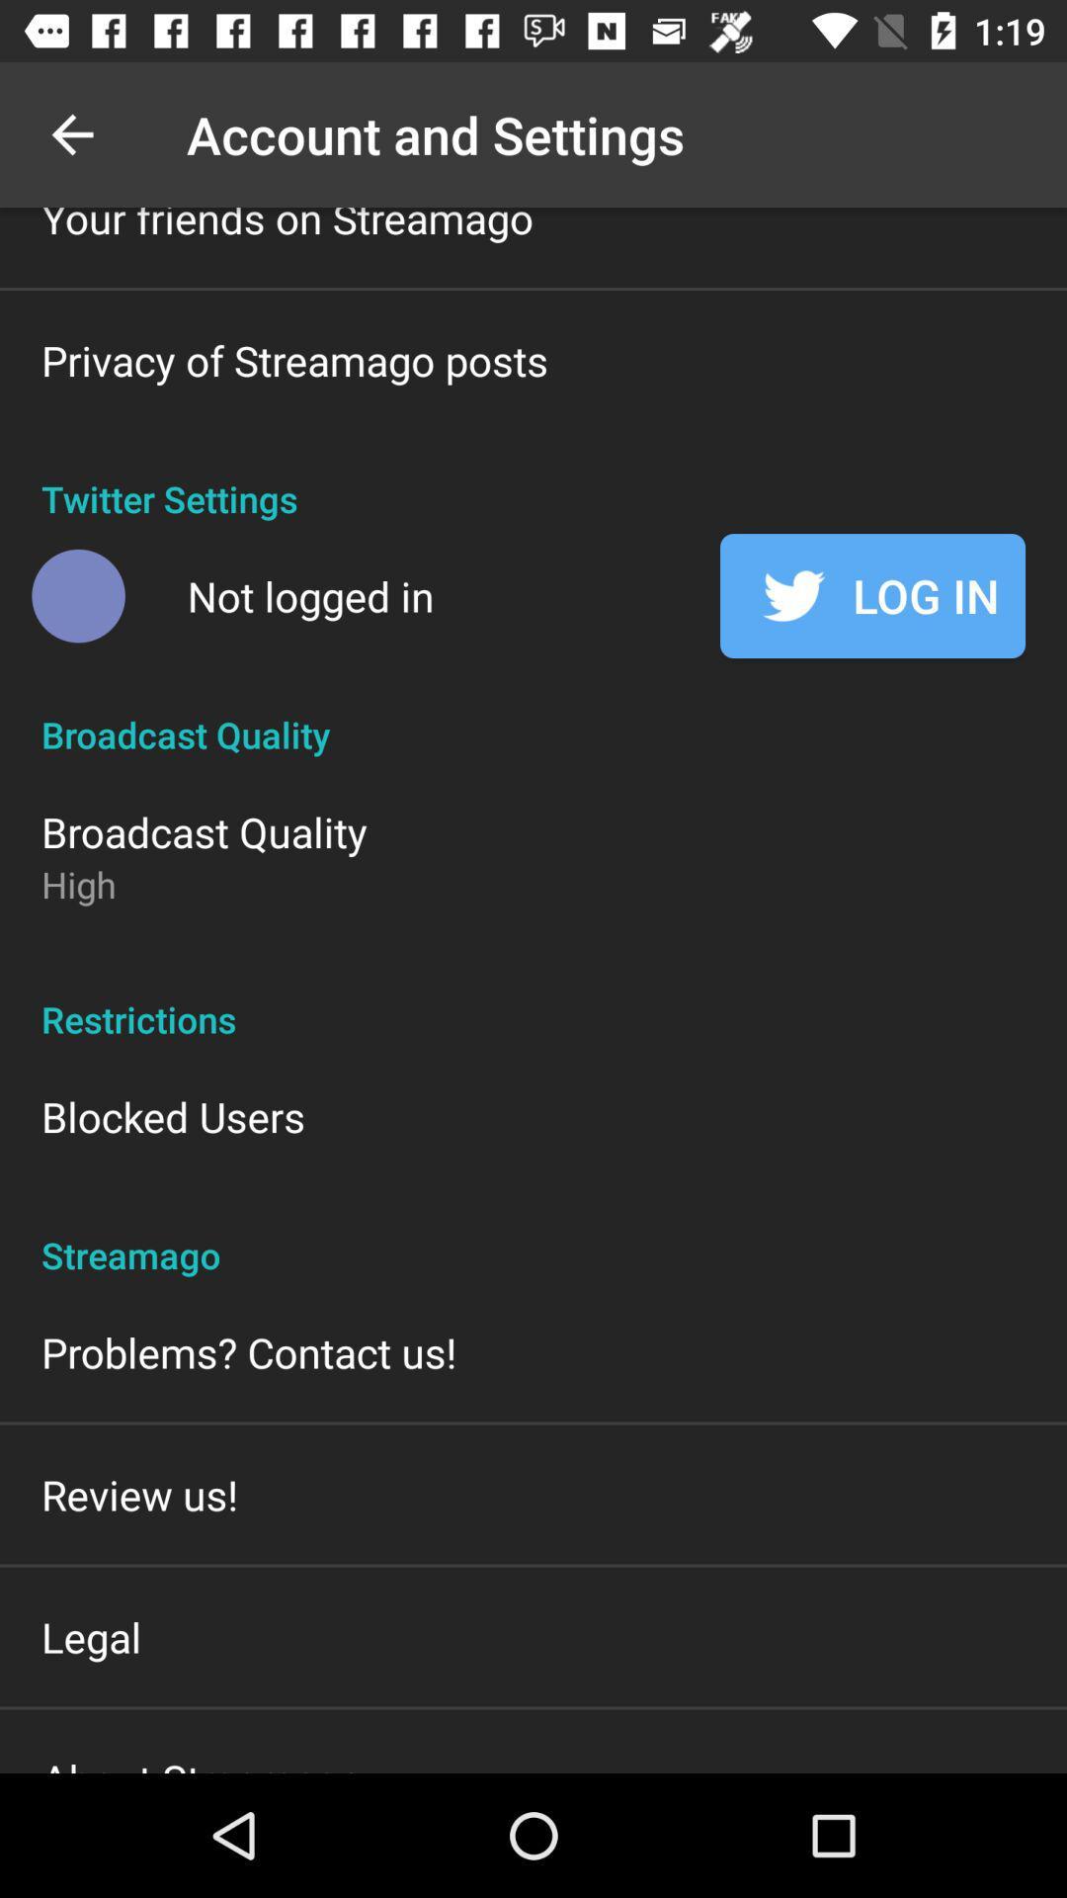  What do you see at coordinates (871, 595) in the screenshot?
I see `the icon to the right of not logged in item` at bounding box center [871, 595].